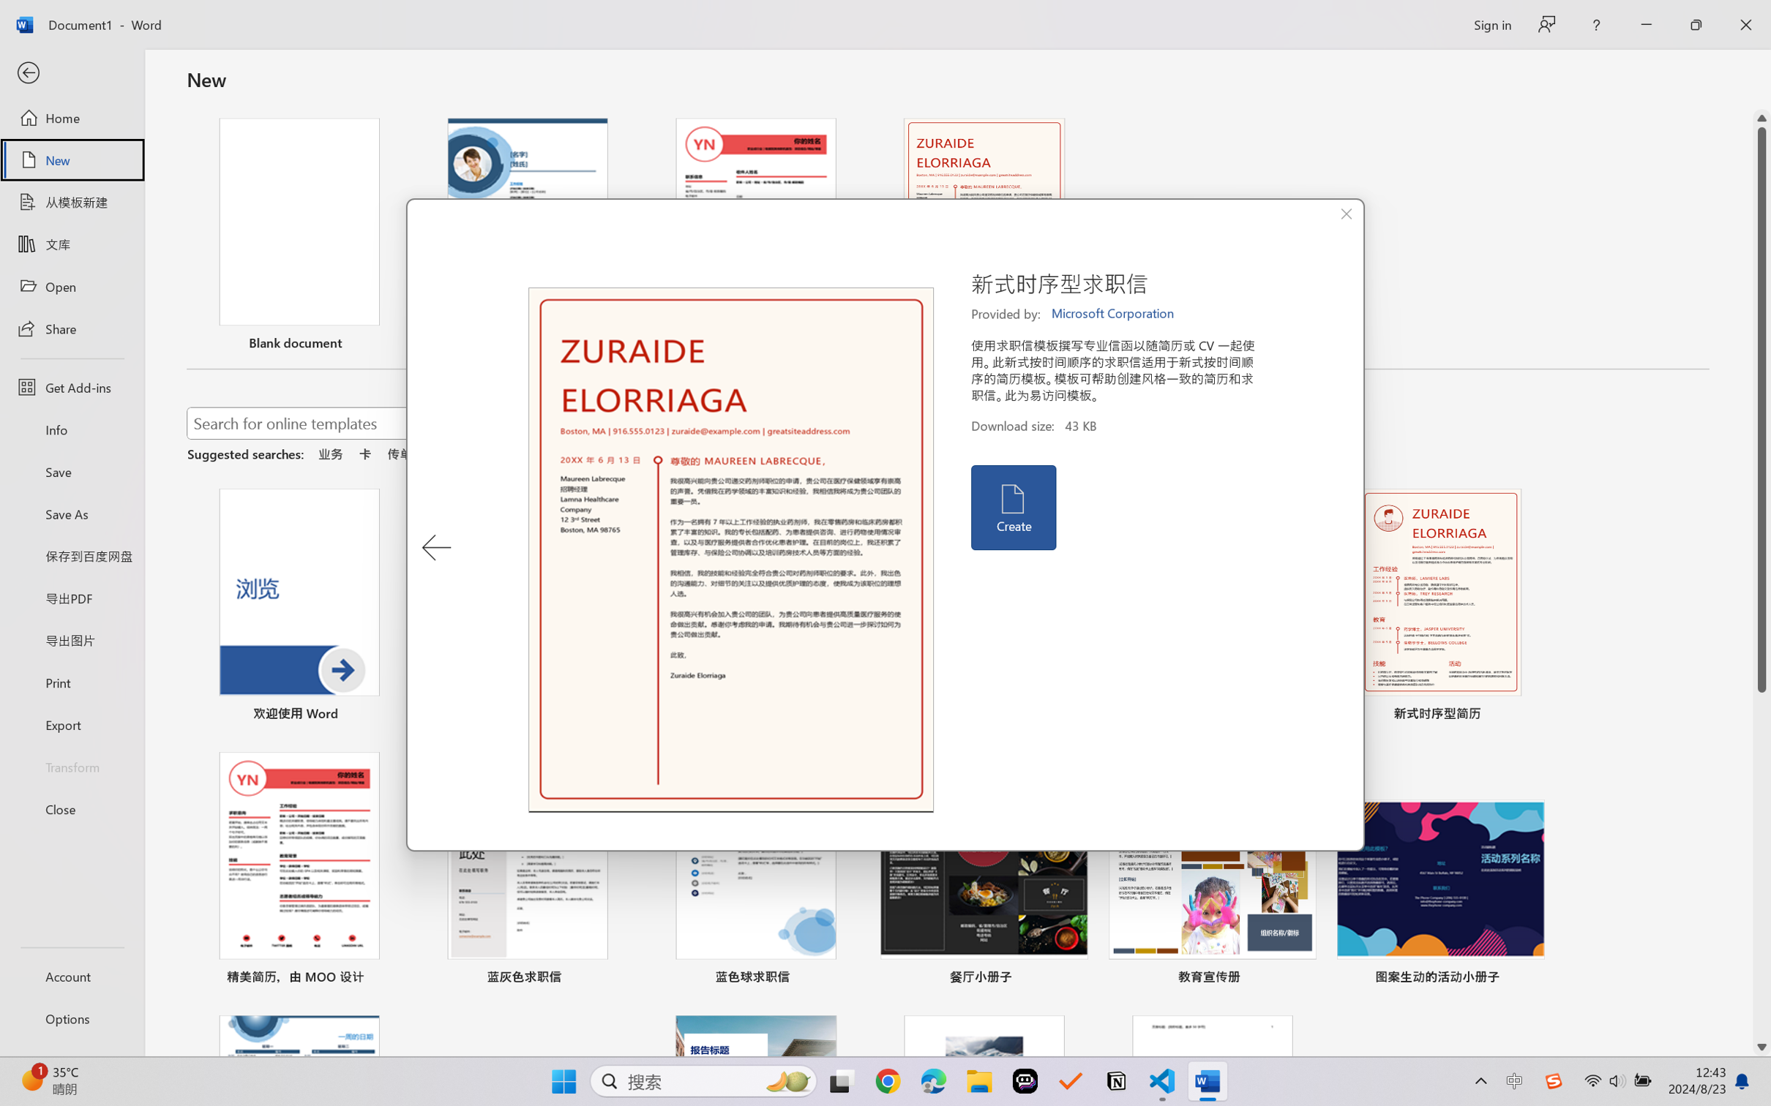  What do you see at coordinates (71, 513) in the screenshot?
I see `'Save As'` at bounding box center [71, 513].